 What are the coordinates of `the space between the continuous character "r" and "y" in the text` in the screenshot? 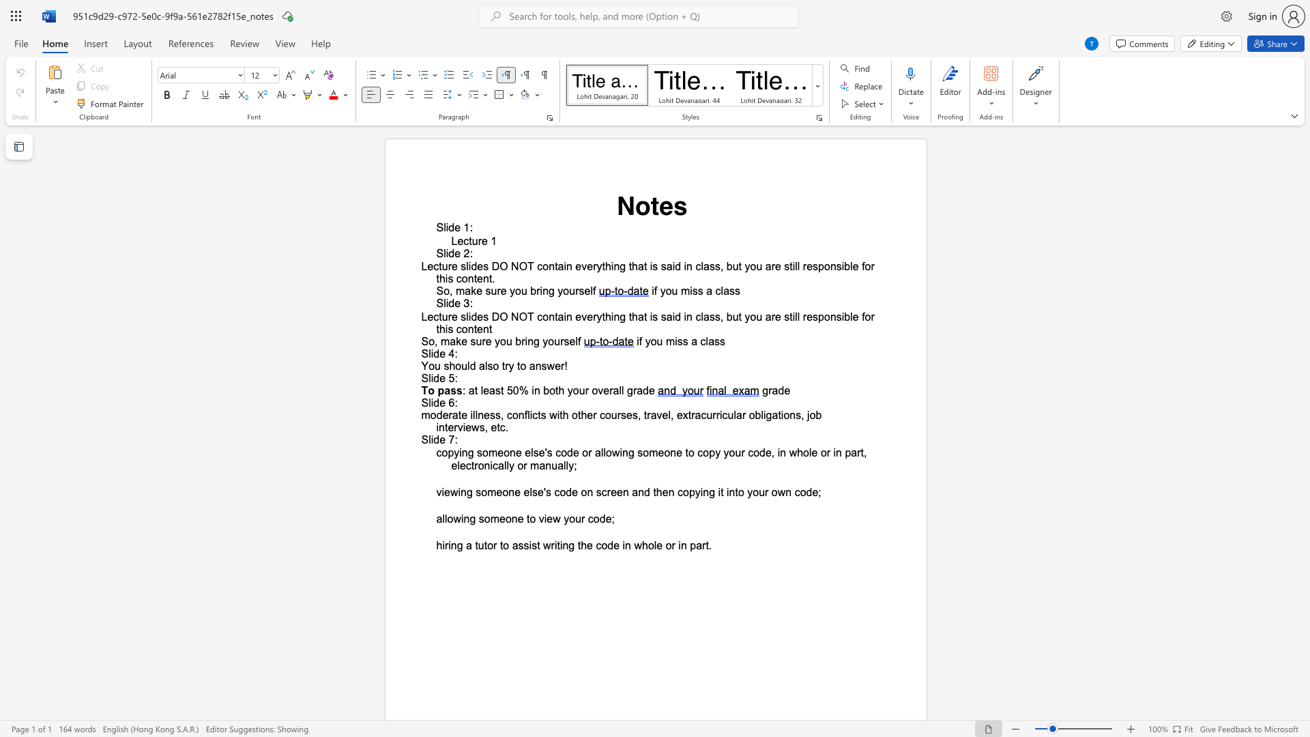 It's located at (508, 365).